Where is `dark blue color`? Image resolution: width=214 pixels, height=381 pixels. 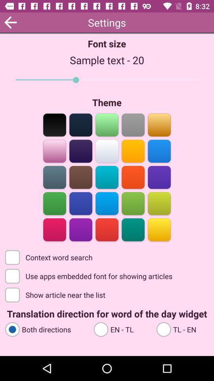 dark blue color is located at coordinates (80, 202).